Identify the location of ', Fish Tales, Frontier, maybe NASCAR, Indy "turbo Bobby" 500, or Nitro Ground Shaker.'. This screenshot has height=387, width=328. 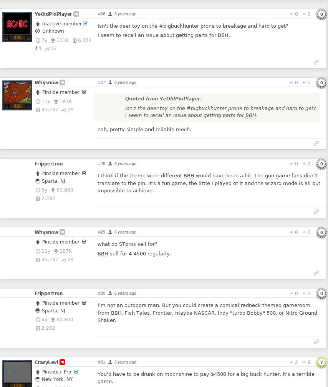
(207, 316).